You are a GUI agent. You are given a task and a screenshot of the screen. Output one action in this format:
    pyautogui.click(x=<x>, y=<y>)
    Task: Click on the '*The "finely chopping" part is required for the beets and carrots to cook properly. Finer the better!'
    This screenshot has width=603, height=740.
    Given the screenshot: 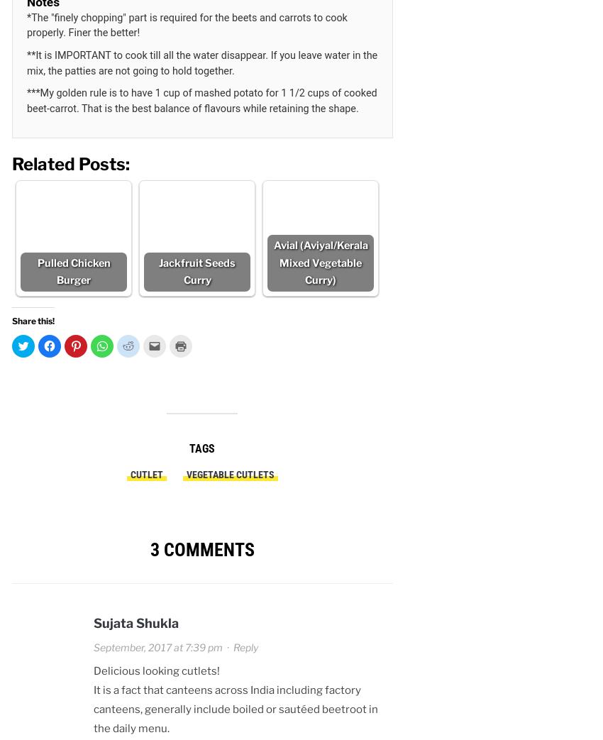 What is the action you would take?
    pyautogui.click(x=186, y=24)
    